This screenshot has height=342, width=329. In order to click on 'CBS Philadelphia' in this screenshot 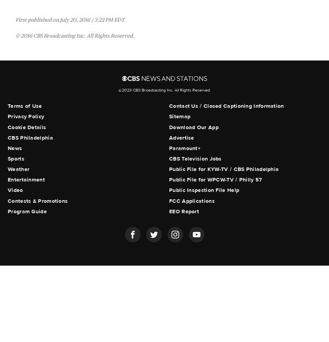, I will do `click(30, 137)`.